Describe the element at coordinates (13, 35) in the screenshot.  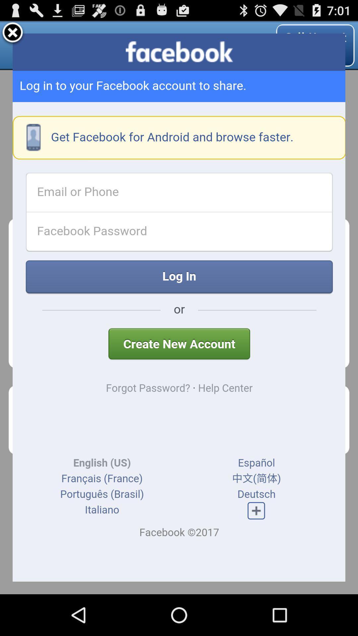
I see `the close icon` at that location.